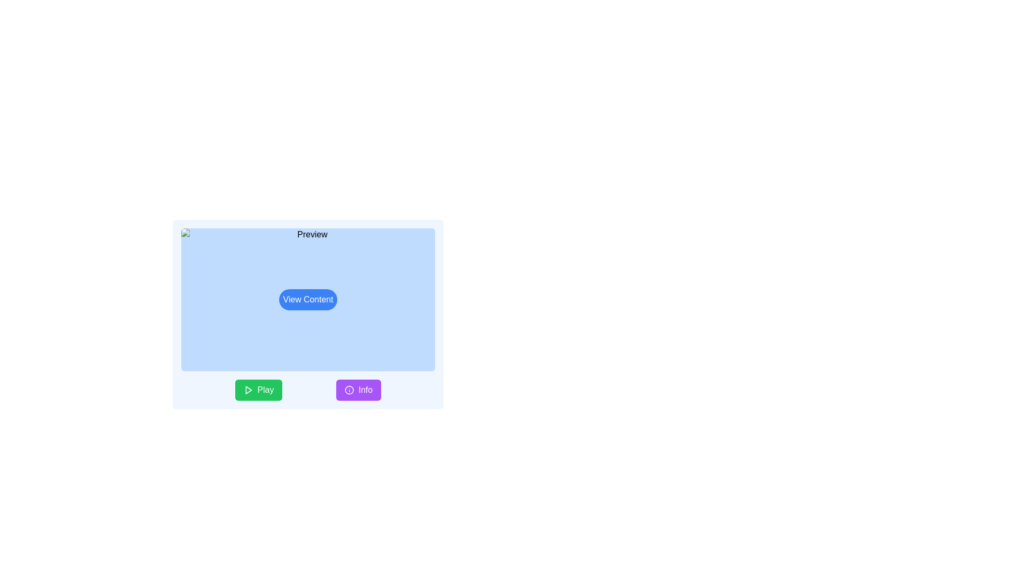 This screenshot has width=1015, height=571. What do you see at coordinates (248, 390) in the screenshot?
I see `the small triangular play icon with a white outline and green fill, embedded within the larger green button labeled 'Play', located beneath the rectangular content area labeled 'Preview'` at bounding box center [248, 390].